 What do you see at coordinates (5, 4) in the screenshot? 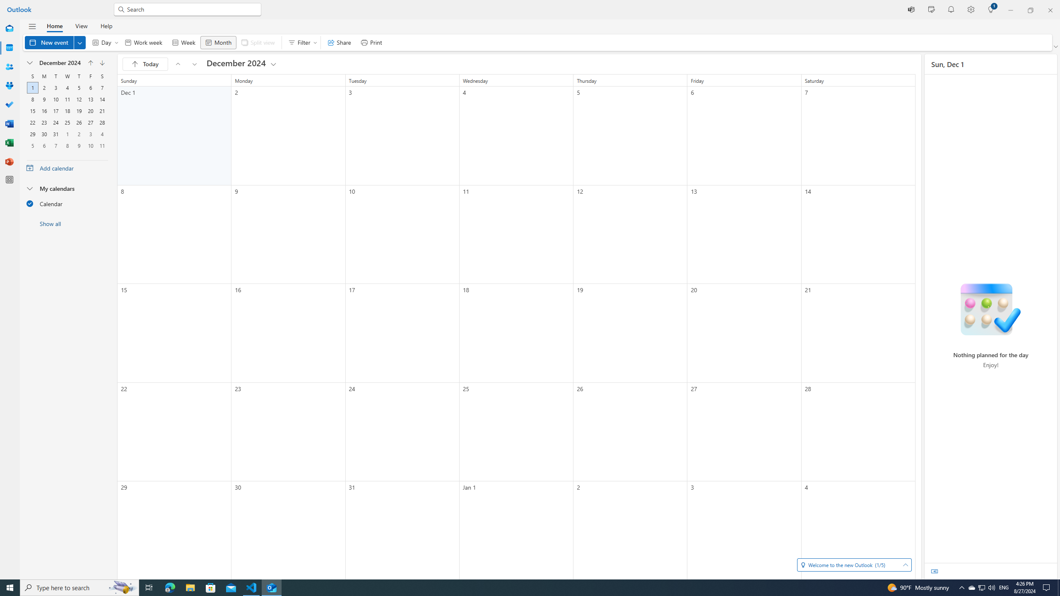
I see `'System'` at bounding box center [5, 4].